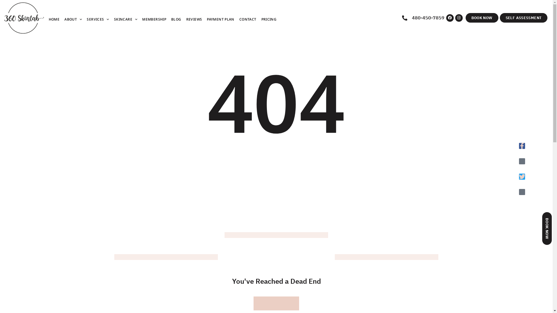 This screenshot has width=557, height=313. I want to click on 'PRICING', so click(269, 19).